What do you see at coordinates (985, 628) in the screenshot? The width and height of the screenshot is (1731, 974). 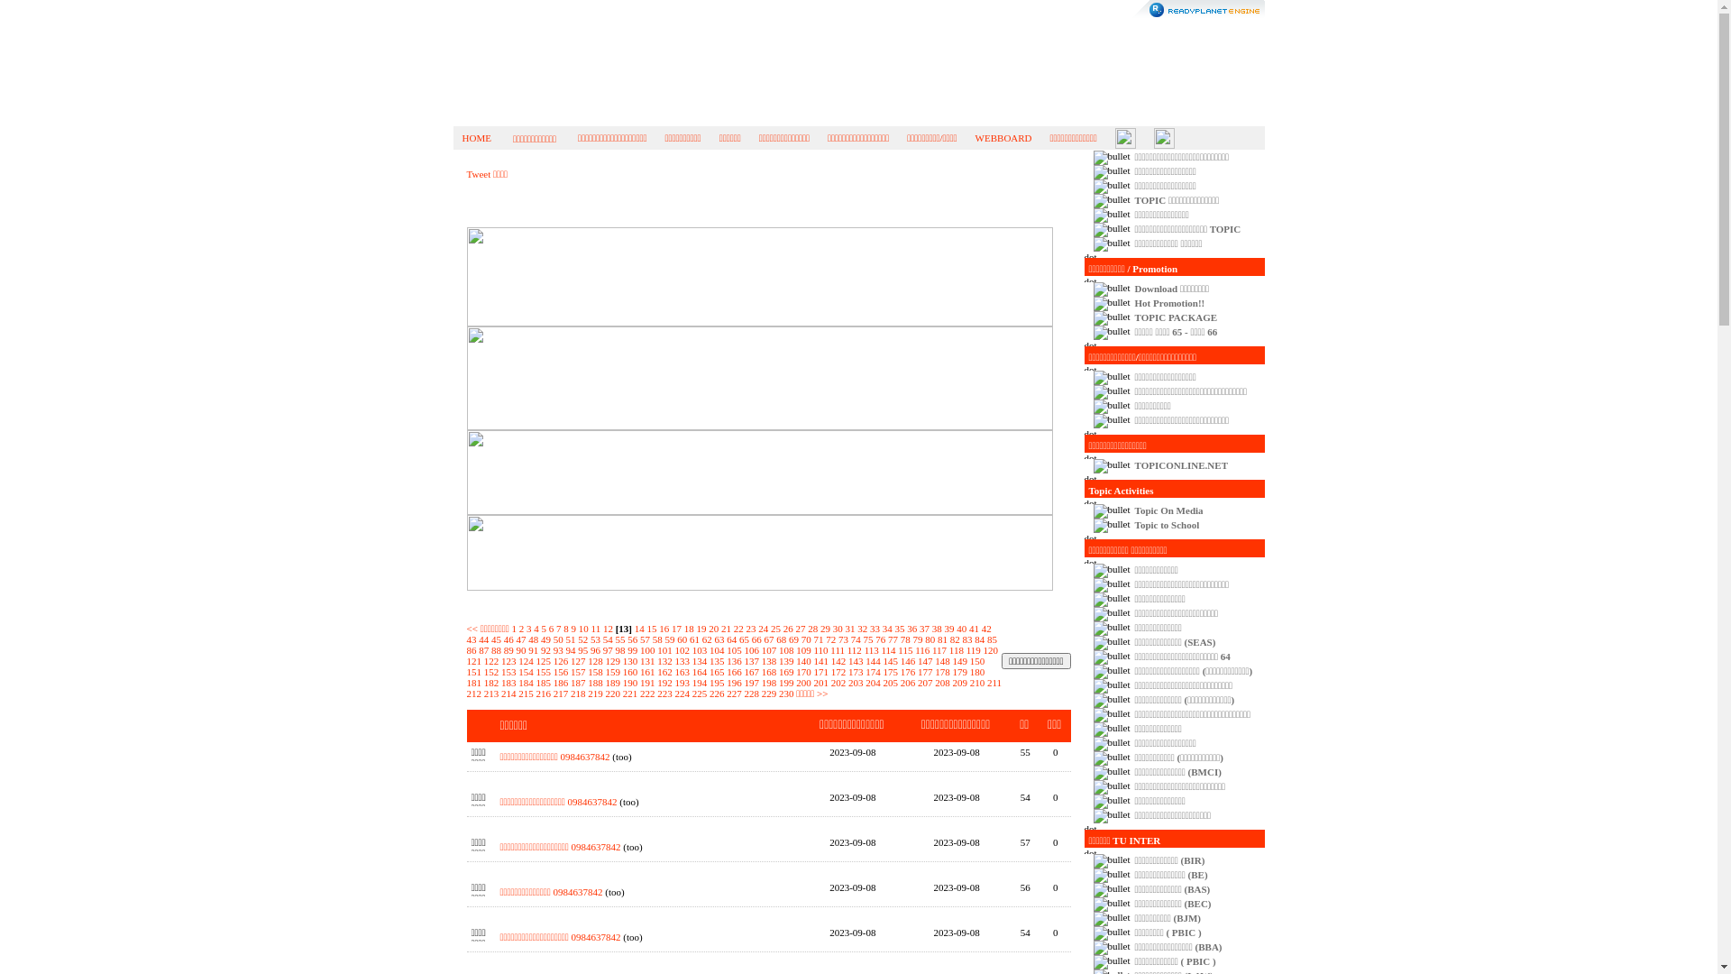 I see `'42'` at bounding box center [985, 628].